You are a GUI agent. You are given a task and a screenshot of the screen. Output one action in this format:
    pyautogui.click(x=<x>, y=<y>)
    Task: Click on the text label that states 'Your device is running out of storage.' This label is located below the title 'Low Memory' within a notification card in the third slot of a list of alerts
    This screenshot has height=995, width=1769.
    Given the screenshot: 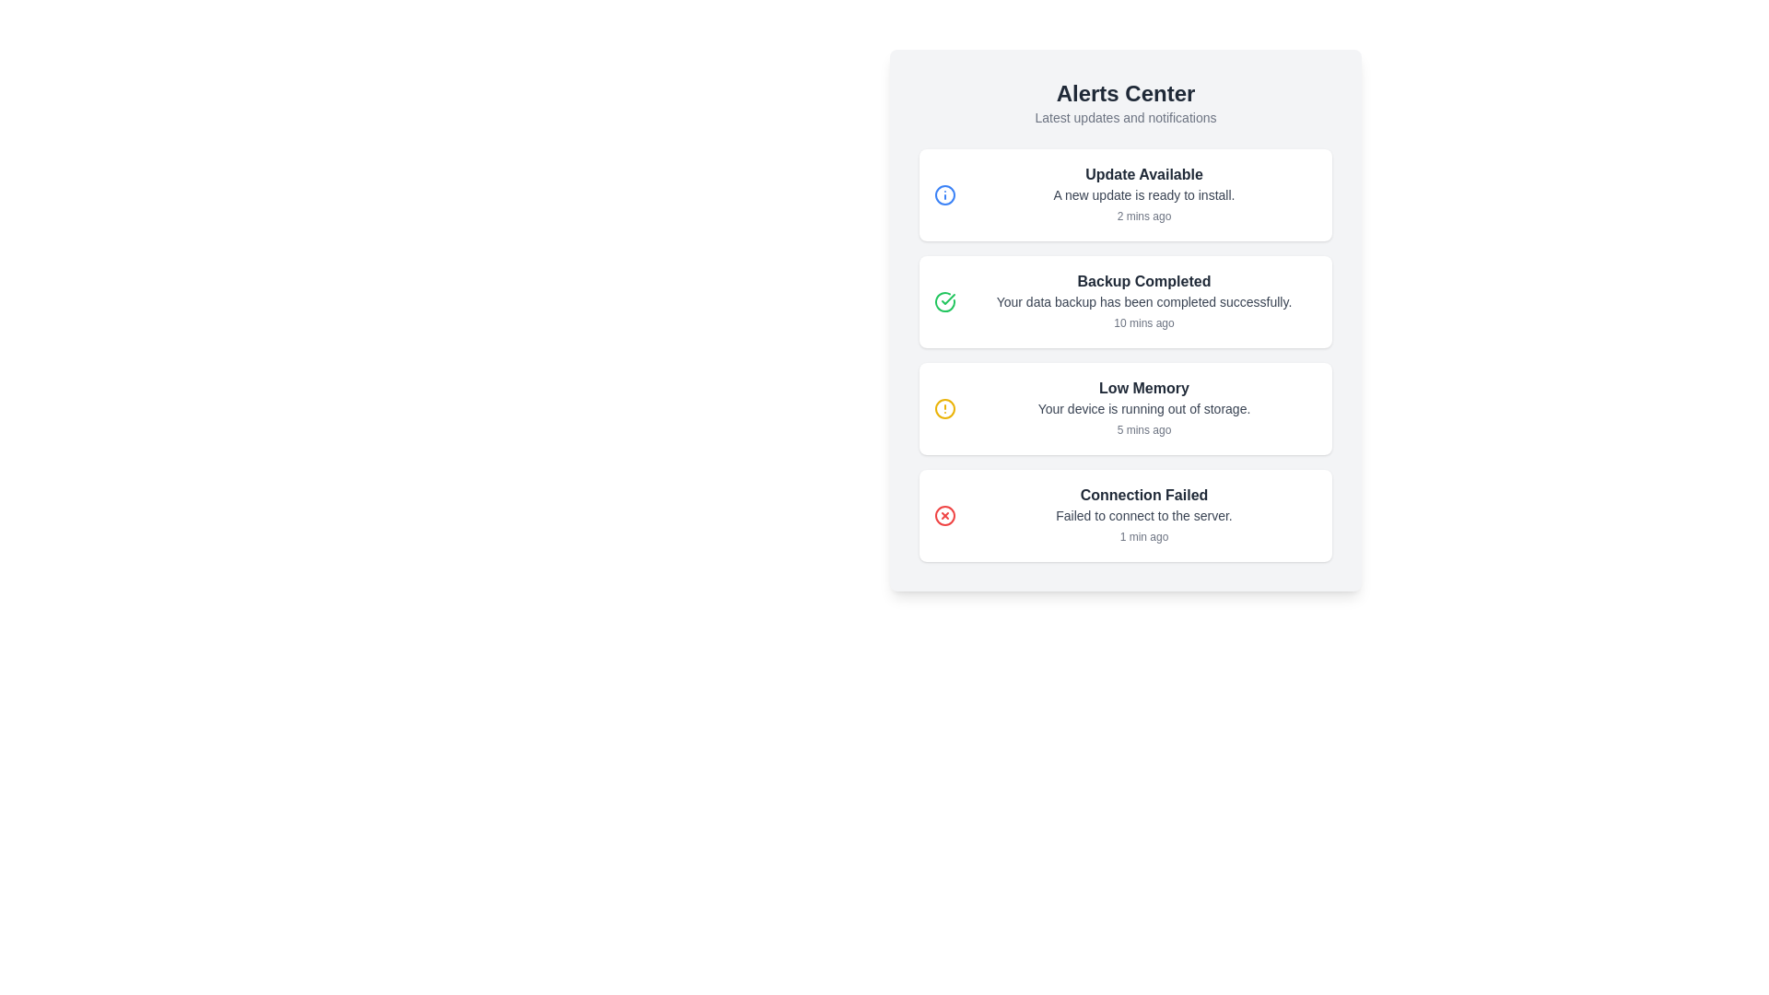 What is the action you would take?
    pyautogui.click(x=1143, y=407)
    